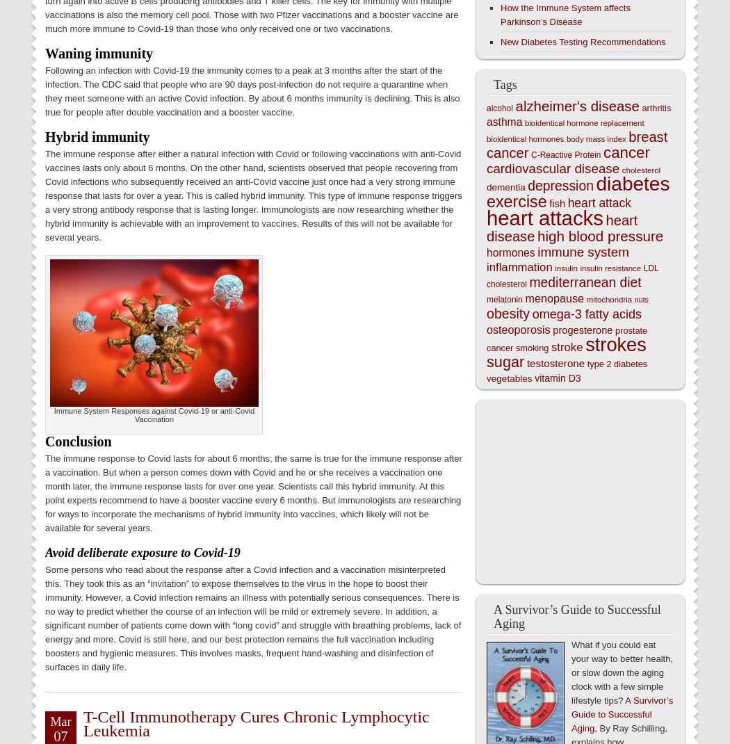 Image resolution: width=730 pixels, height=744 pixels. Describe the element at coordinates (553, 297) in the screenshot. I see `'menopause'` at that location.